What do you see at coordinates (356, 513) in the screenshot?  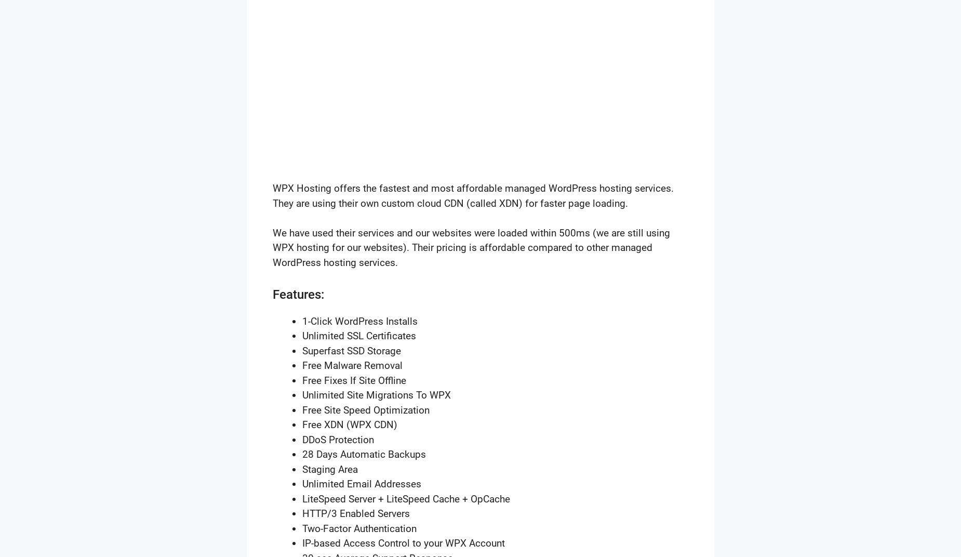 I see `'HTTP/3 Enabled Servers'` at bounding box center [356, 513].